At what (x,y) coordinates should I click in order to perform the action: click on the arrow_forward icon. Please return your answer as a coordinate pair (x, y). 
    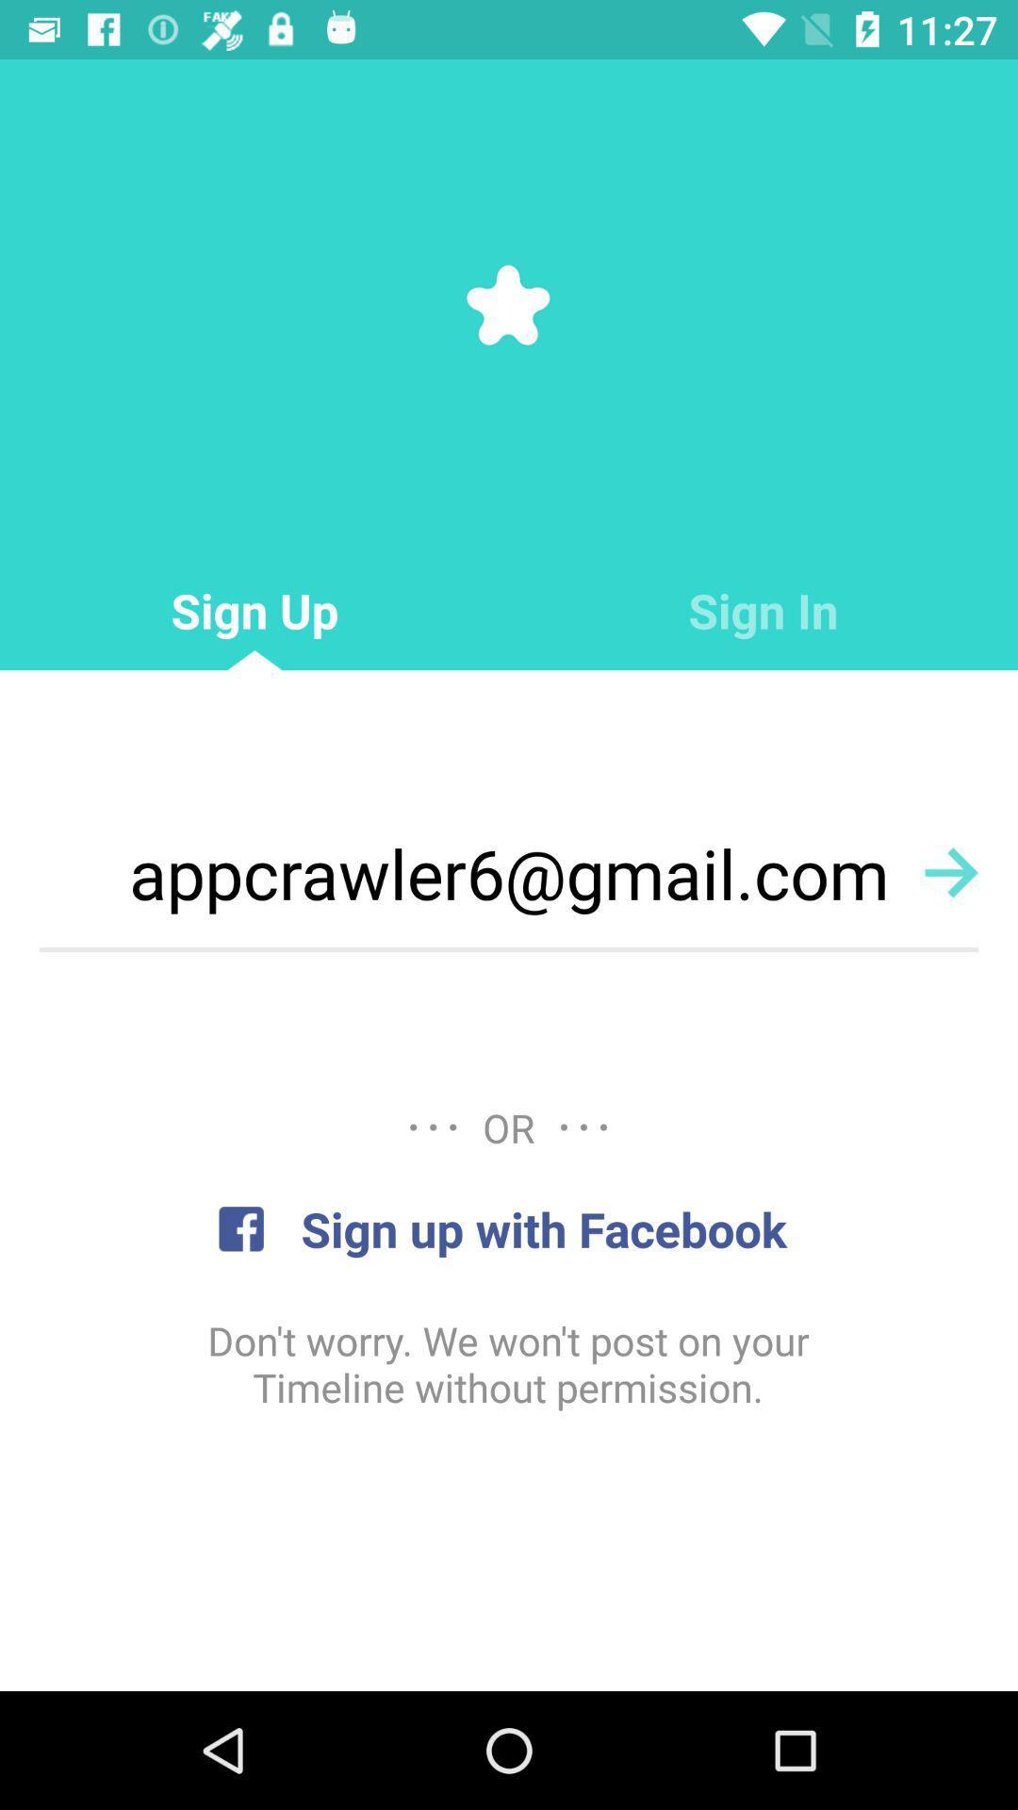
    Looking at the image, I should click on (951, 871).